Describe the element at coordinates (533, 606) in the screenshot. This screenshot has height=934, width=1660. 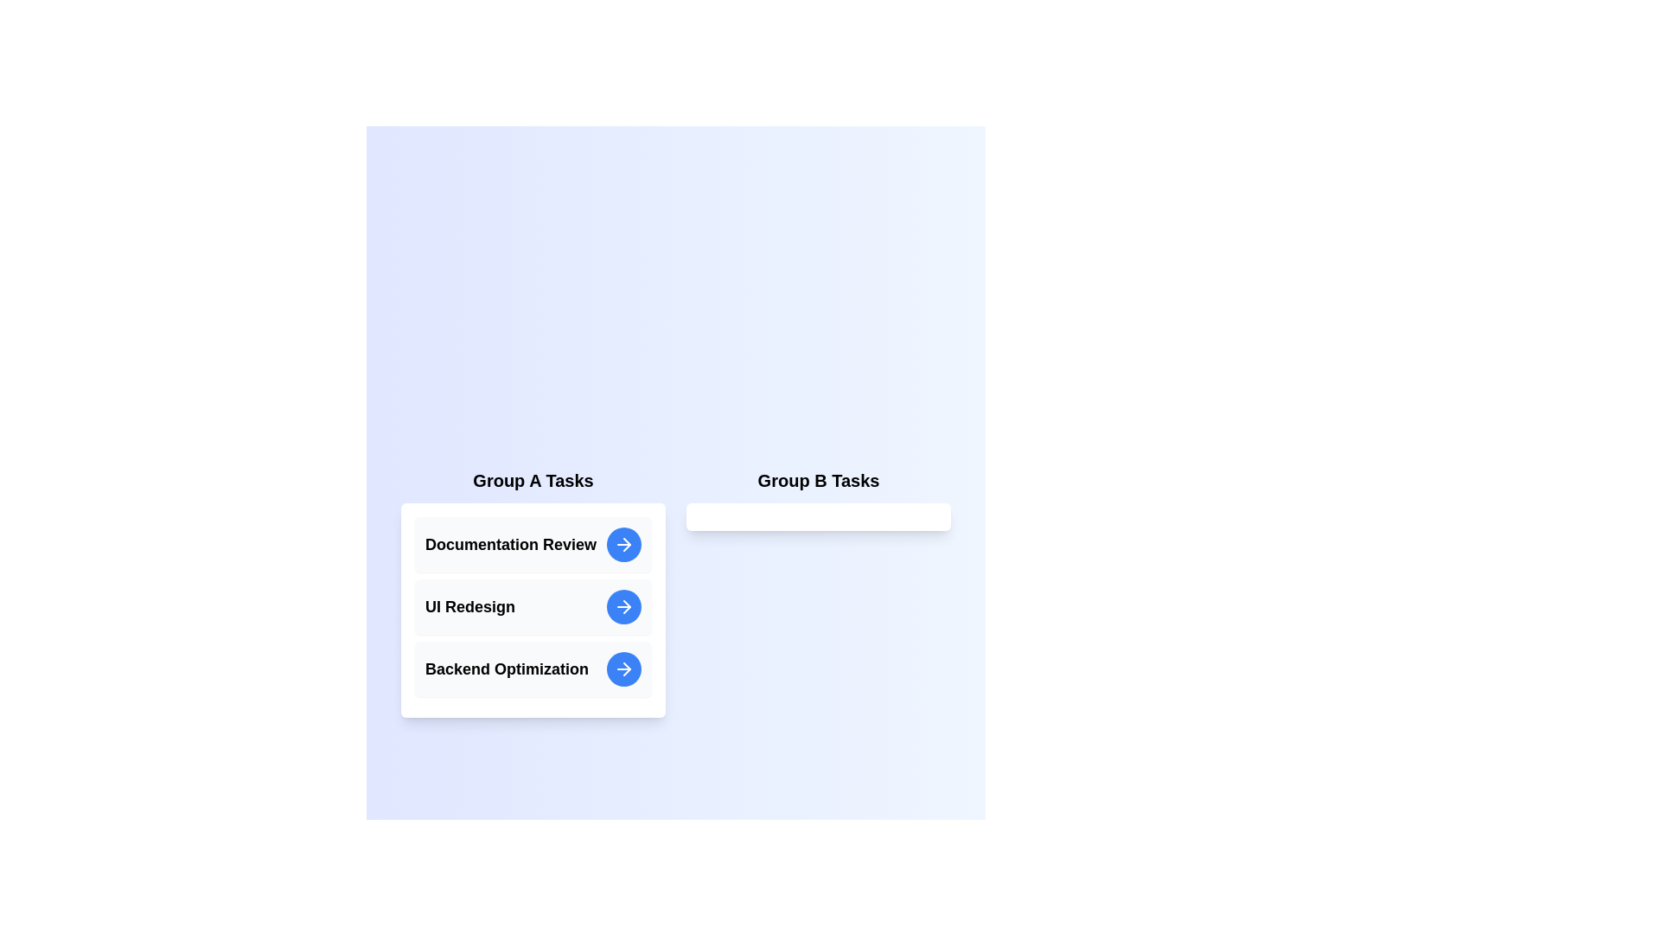
I see `the task entry UI Redesign in Group A to inspect its details` at that location.